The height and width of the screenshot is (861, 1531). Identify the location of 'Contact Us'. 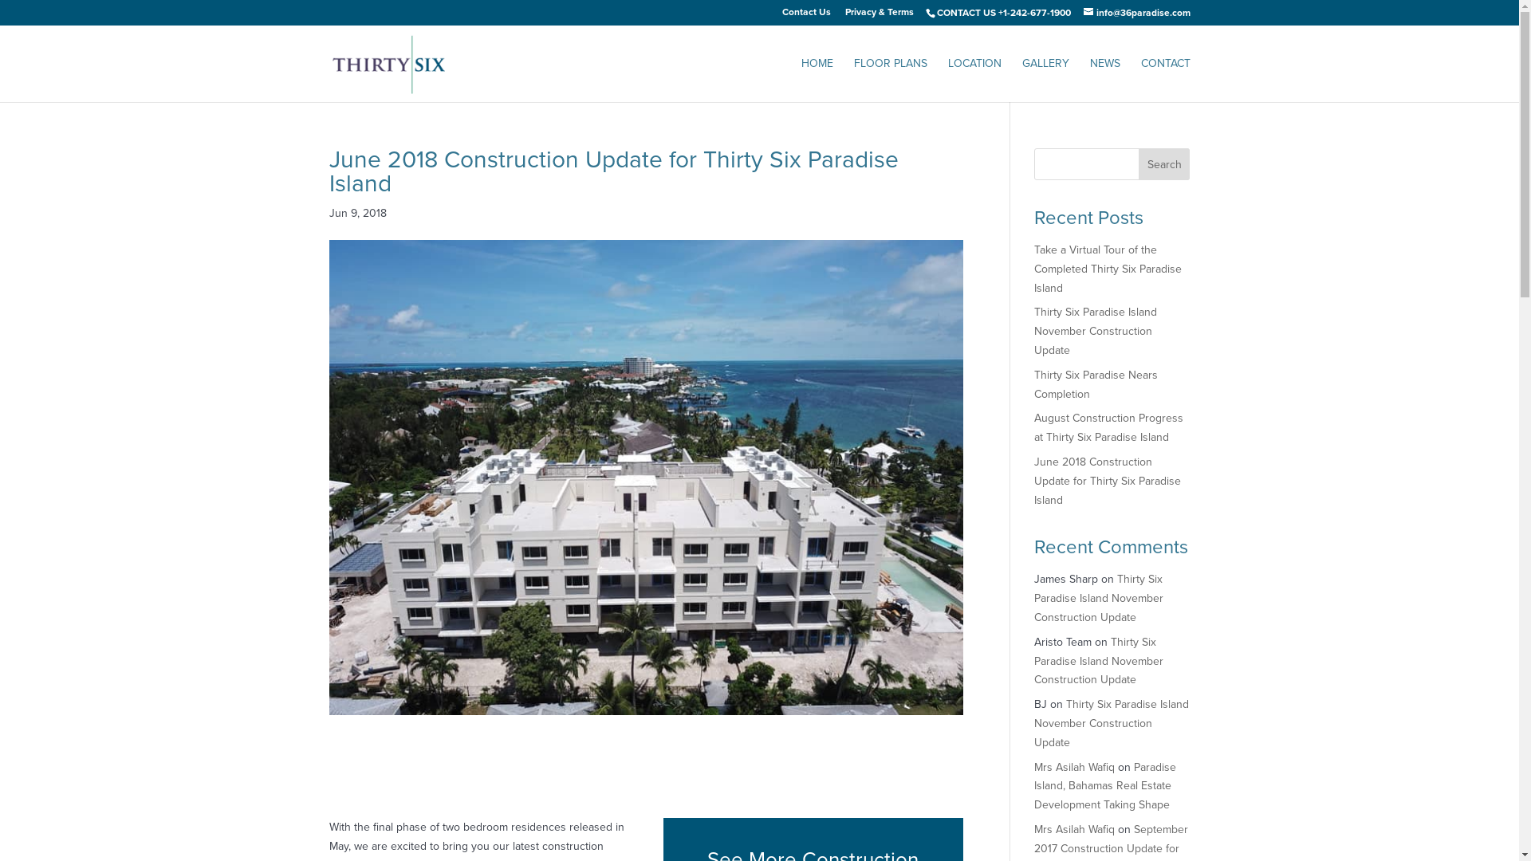
(781, 15).